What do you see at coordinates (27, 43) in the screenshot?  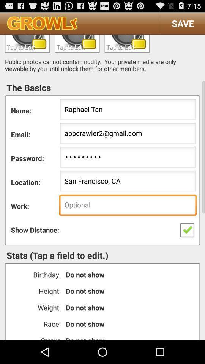 I see `tap to edit` at bounding box center [27, 43].